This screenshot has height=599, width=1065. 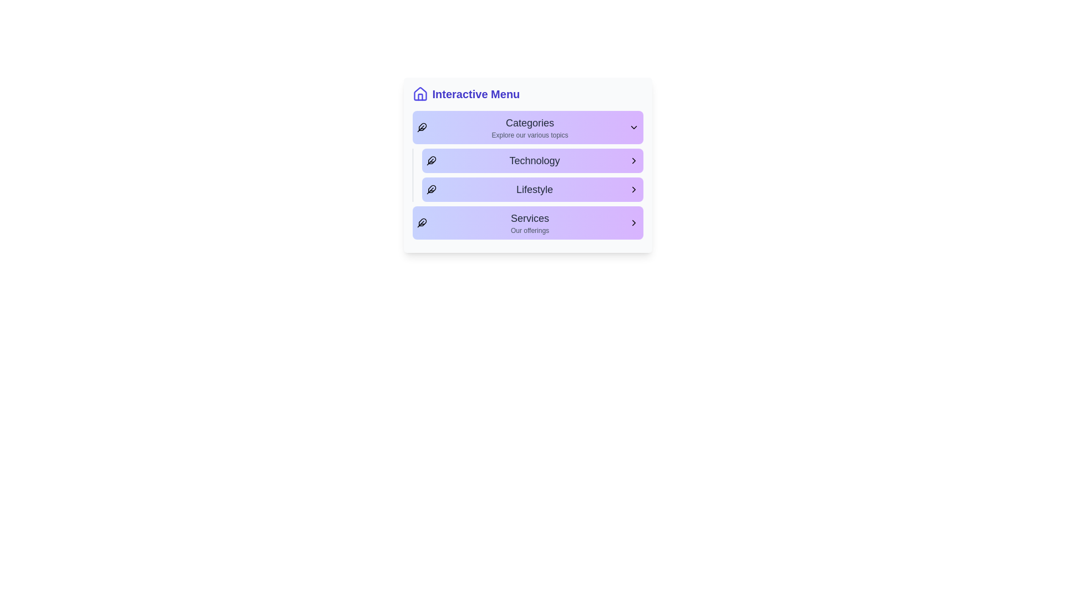 What do you see at coordinates (527, 222) in the screenshot?
I see `the 'Services' menu item, which is the fourth item in the vertical menu layout, featuring a gradient background, bold dark-gray text, a feather icon on the left, and a chevron on the right` at bounding box center [527, 222].